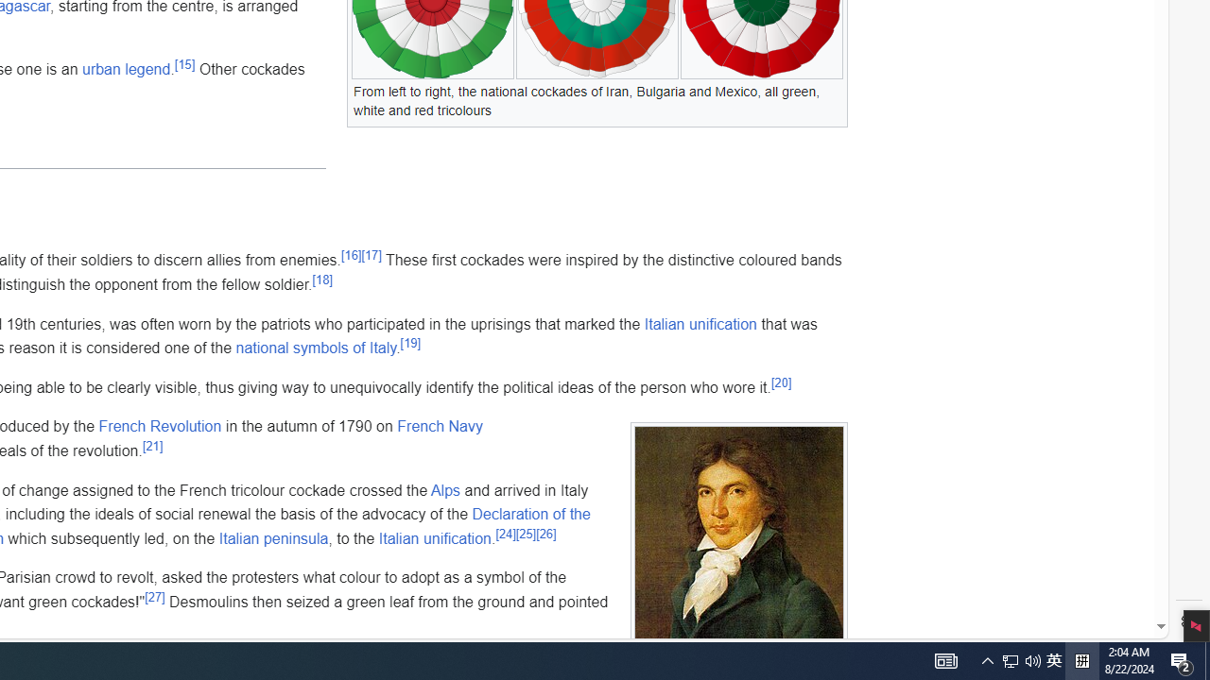 This screenshot has width=1210, height=680. I want to click on '[27]', so click(155, 597).